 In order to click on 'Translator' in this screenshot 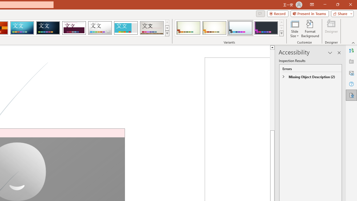, I will do `click(351, 51)`.